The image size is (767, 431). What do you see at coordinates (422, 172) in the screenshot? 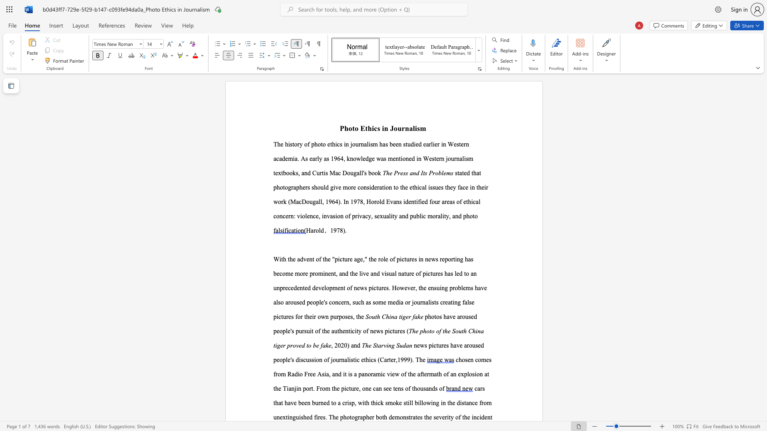
I see `the subset text "ts" within the text "The Press and Its Problems"` at bounding box center [422, 172].